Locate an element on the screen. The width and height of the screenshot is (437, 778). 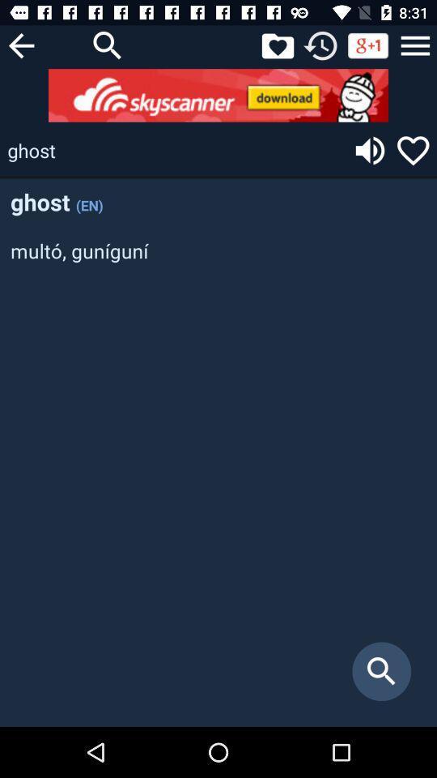
menu is located at coordinates (415, 45).